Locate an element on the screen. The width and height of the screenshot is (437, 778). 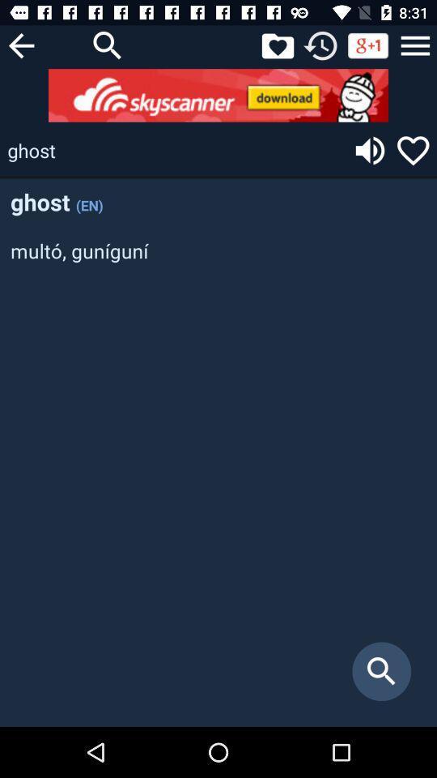
menu is located at coordinates (415, 45).